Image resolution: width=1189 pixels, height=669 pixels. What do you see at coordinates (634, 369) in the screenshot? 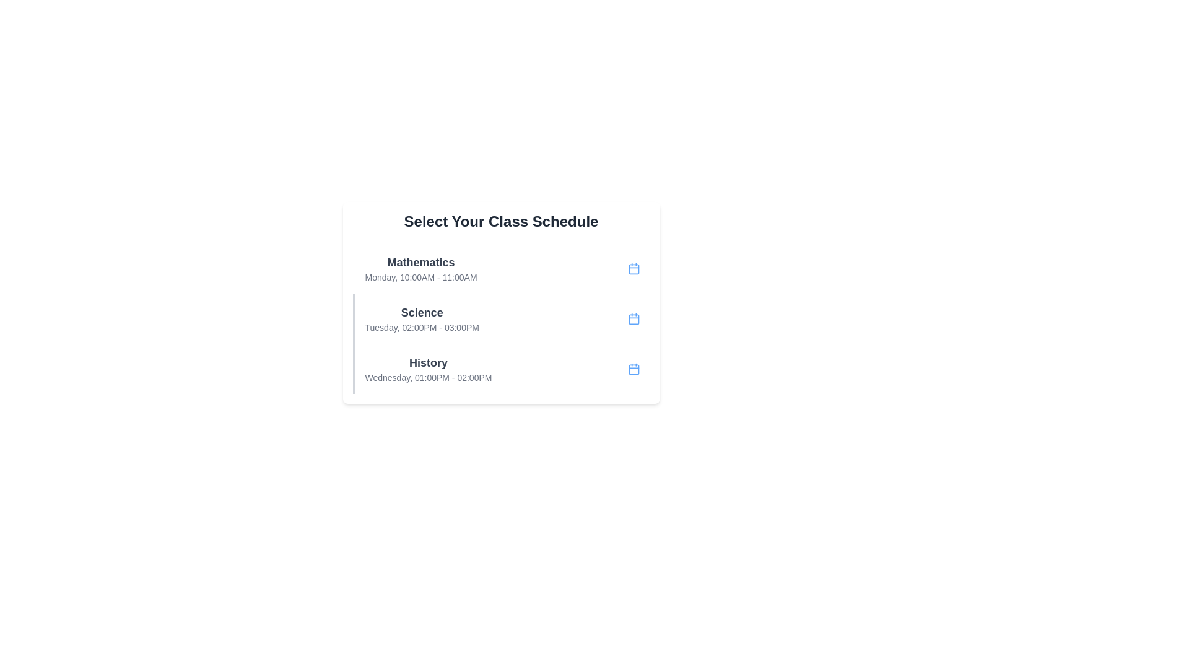
I see `the central section of the calendar icon located on the right side of the 'History' list item in the displayed schedule` at bounding box center [634, 369].